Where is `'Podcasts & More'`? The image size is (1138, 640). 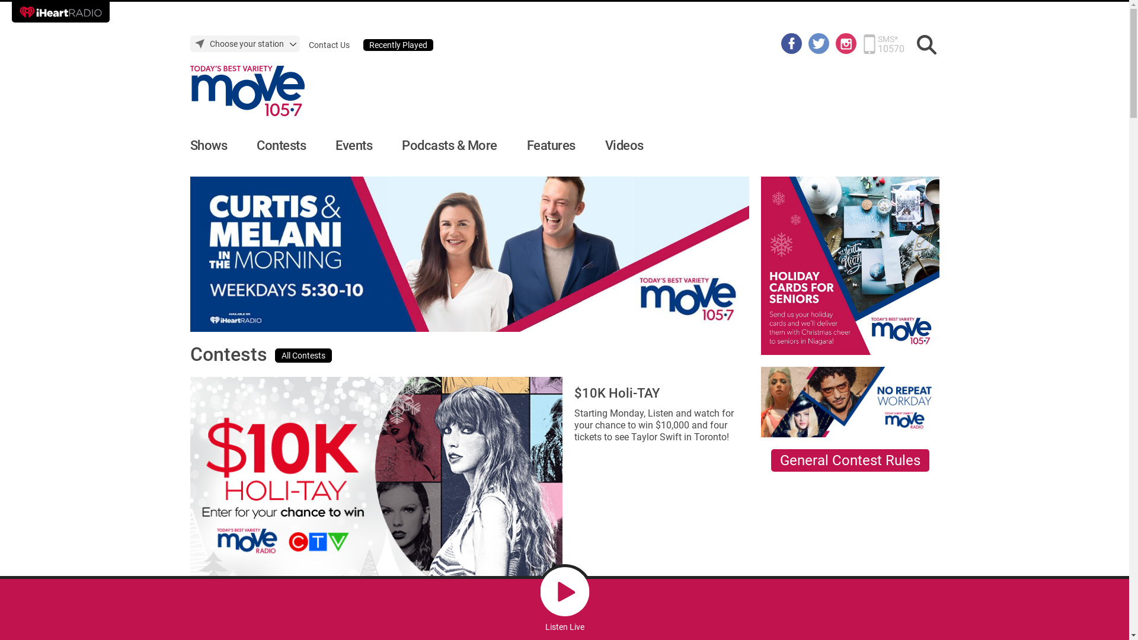 'Podcasts & More' is located at coordinates (449, 145).